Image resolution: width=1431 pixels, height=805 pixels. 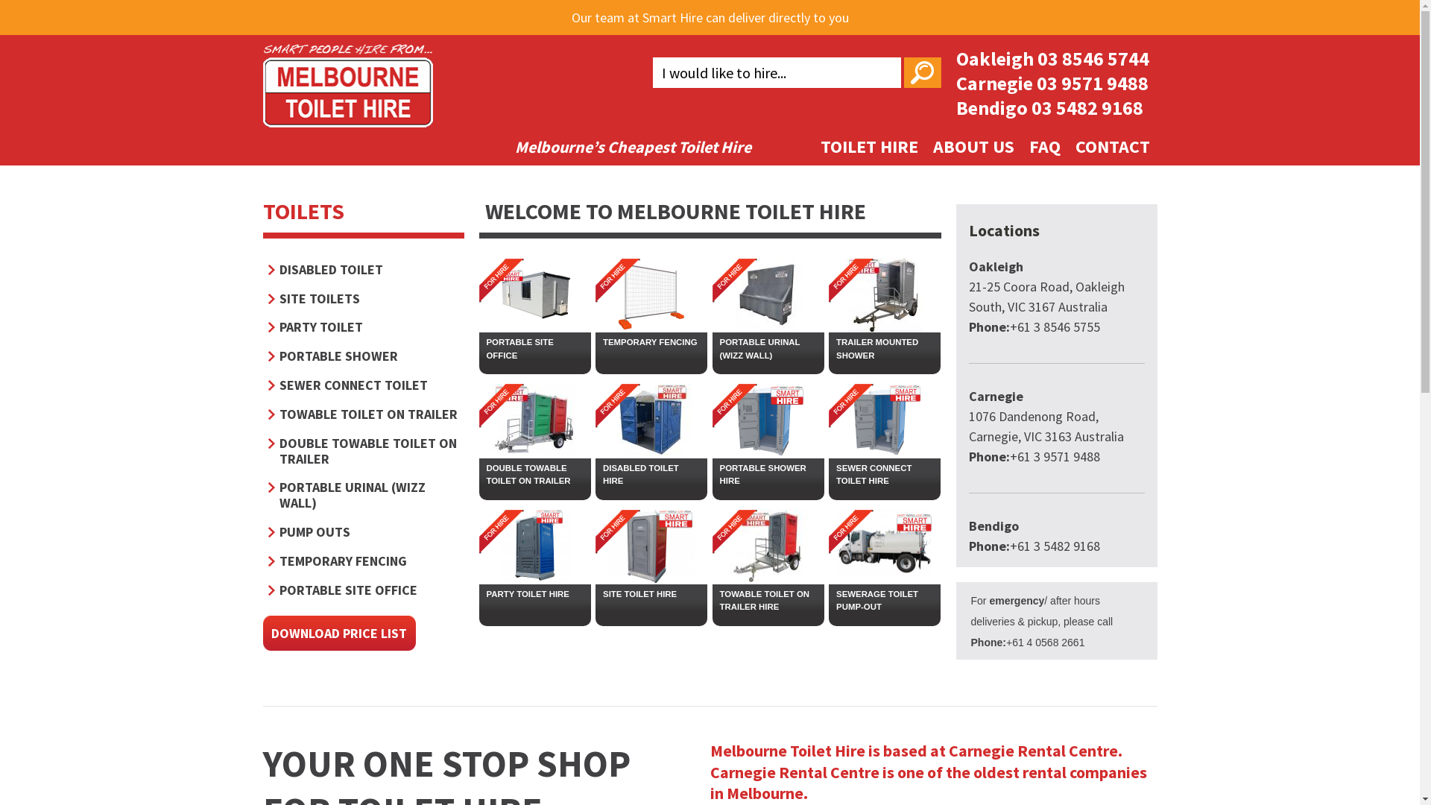 What do you see at coordinates (594, 474) in the screenshot?
I see `'DISABLED TOILET HIRE'` at bounding box center [594, 474].